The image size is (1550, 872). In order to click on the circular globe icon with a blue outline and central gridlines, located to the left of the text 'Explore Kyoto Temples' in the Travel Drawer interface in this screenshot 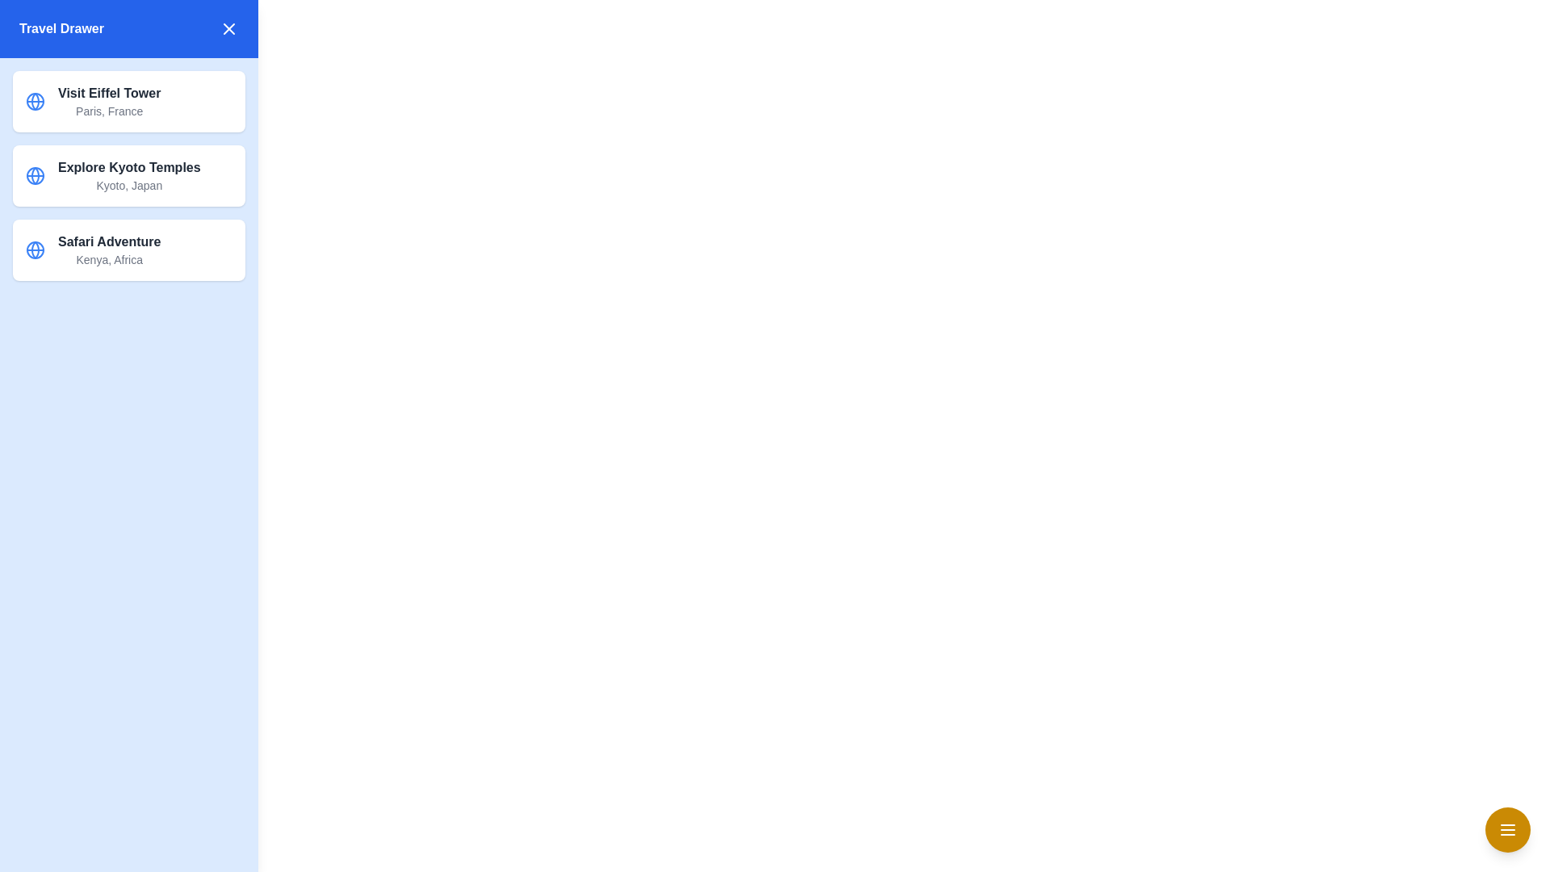, I will do `click(35, 176)`.